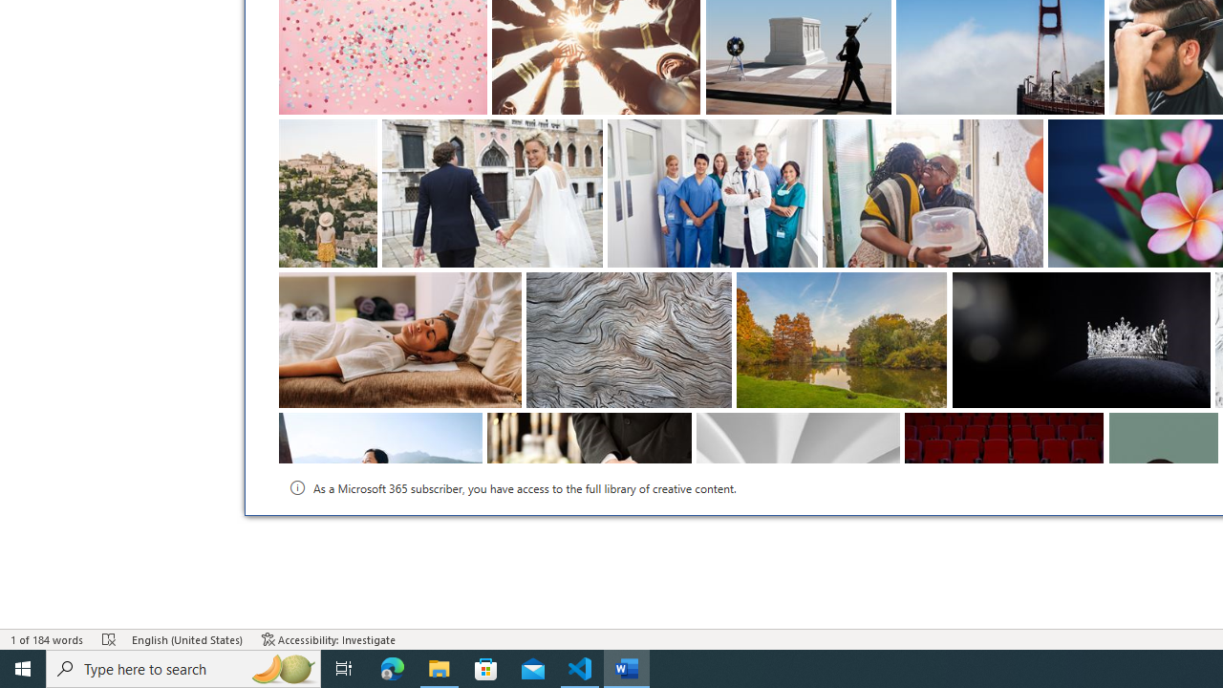 Image resolution: width=1223 pixels, height=688 pixels. Describe the element at coordinates (281, 667) in the screenshot. I see `'Search highlights icon opens search home window'` at that location.